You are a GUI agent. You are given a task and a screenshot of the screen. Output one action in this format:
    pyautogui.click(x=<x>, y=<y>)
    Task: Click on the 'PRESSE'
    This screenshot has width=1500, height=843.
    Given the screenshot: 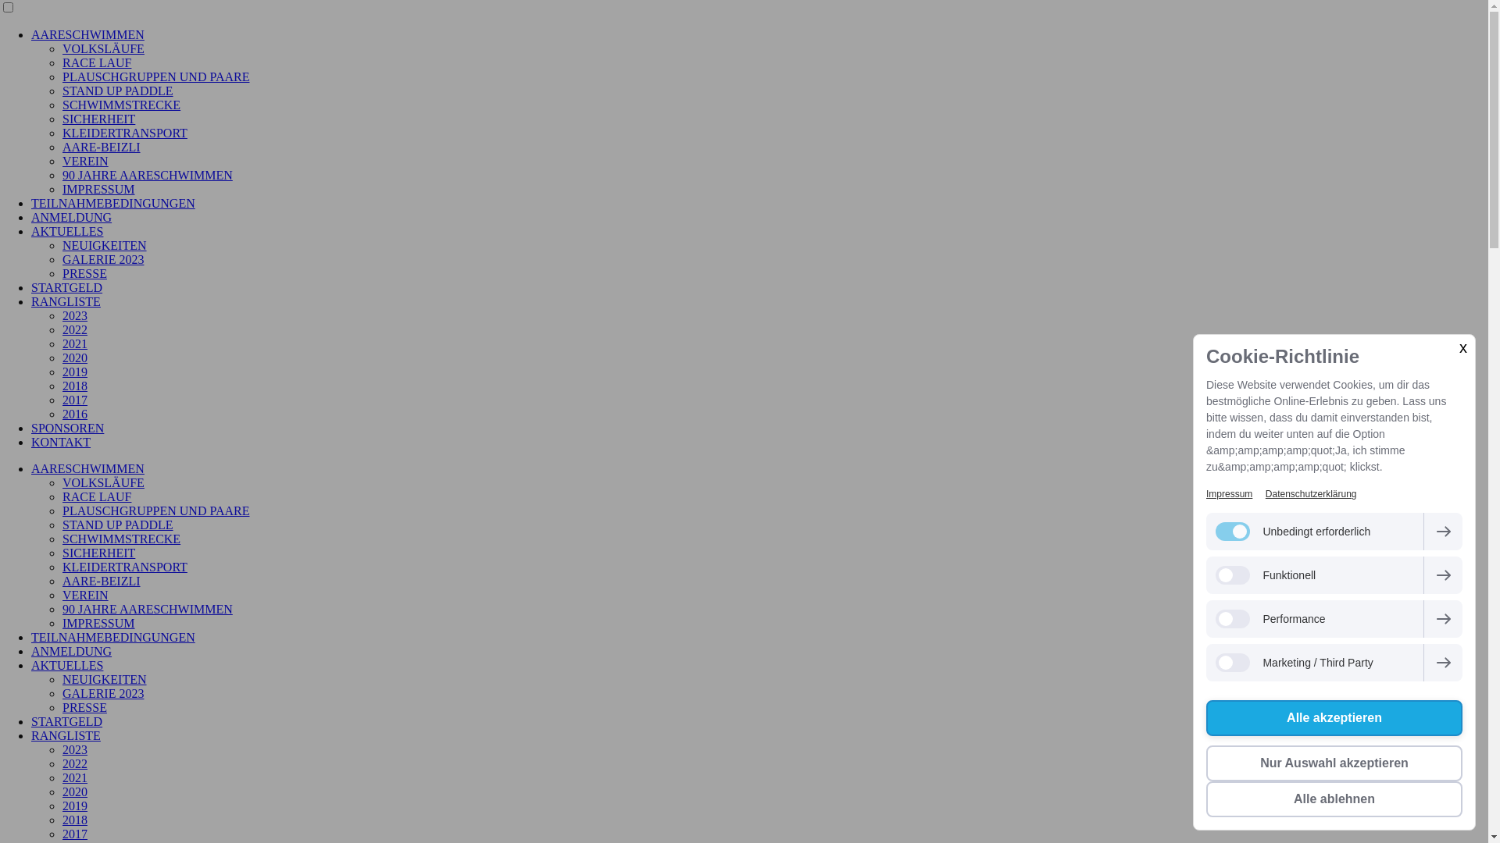 What is the action you would take?
    pyautogui.click(x=84, y=707)
    